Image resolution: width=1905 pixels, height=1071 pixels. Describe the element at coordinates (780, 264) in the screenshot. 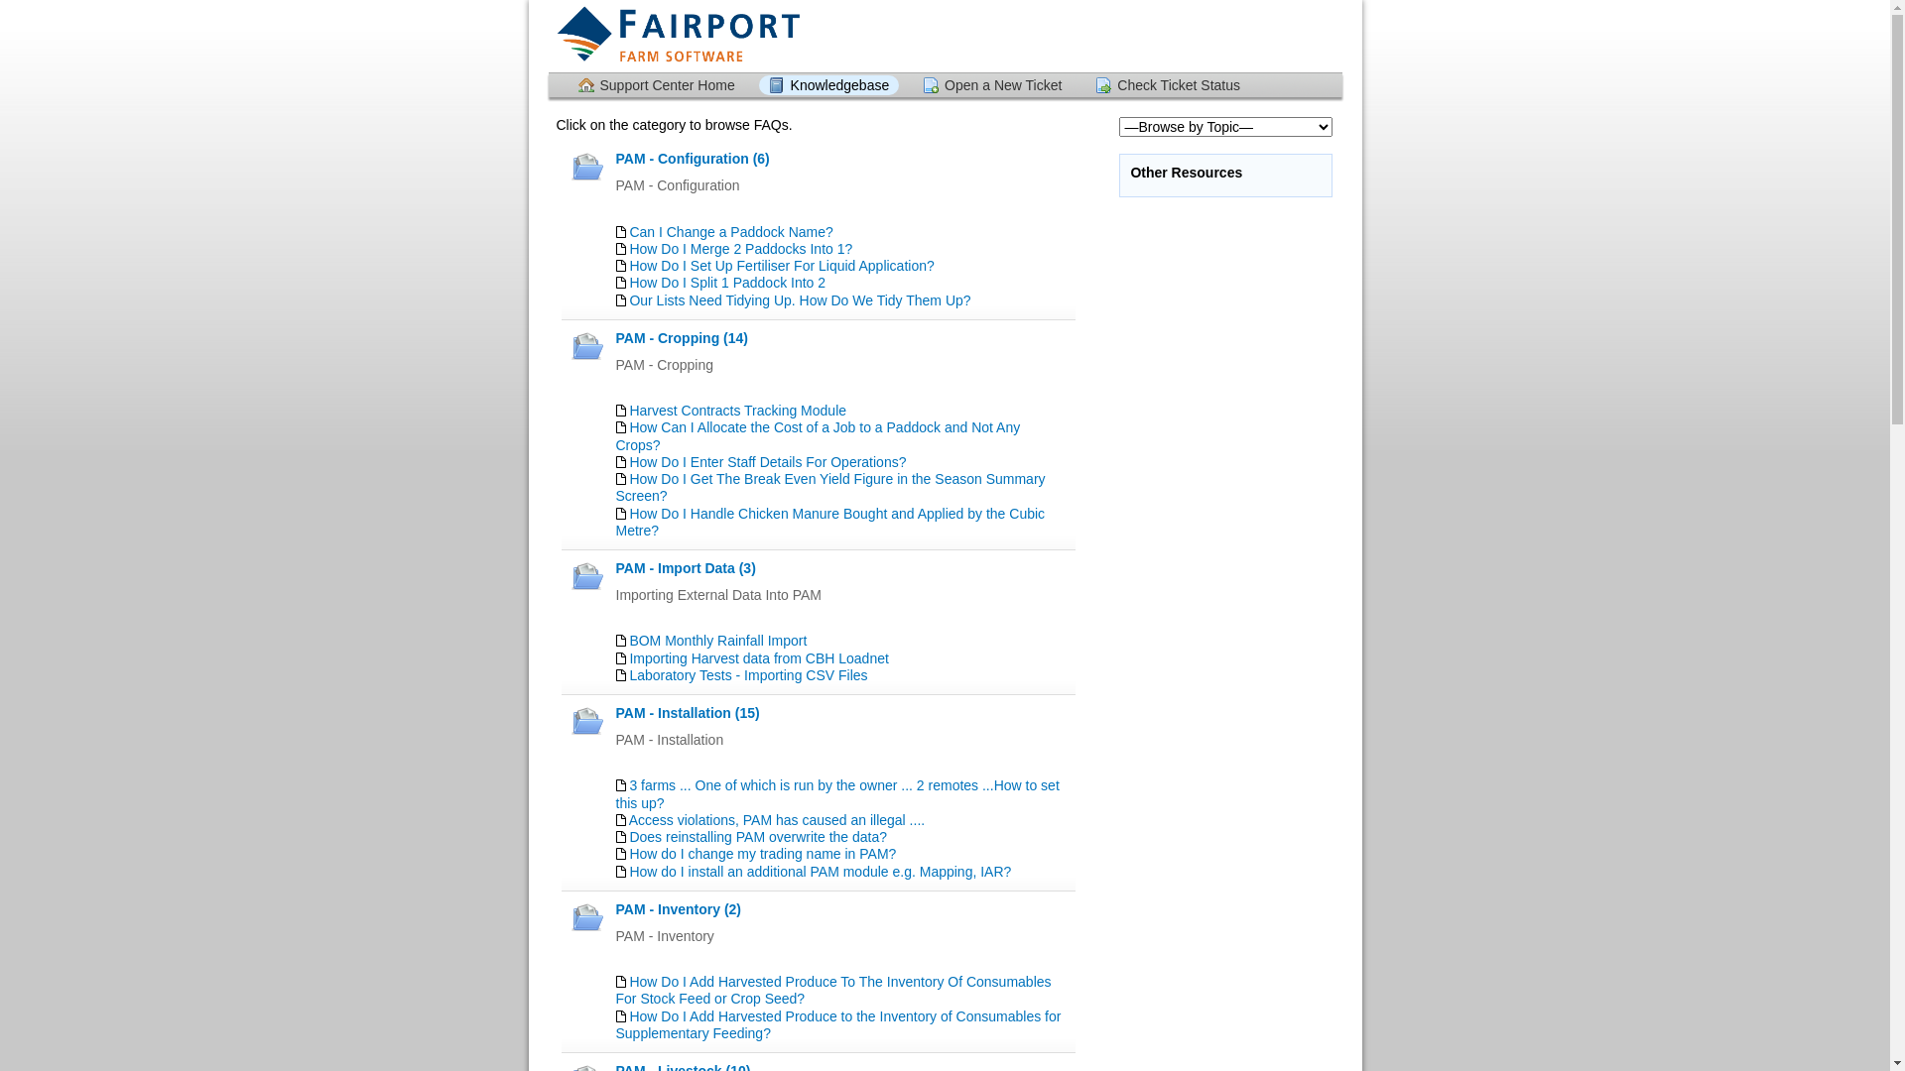

I see `'How Do I Set Up Fertiliser For Liquid Application?'` at that location.